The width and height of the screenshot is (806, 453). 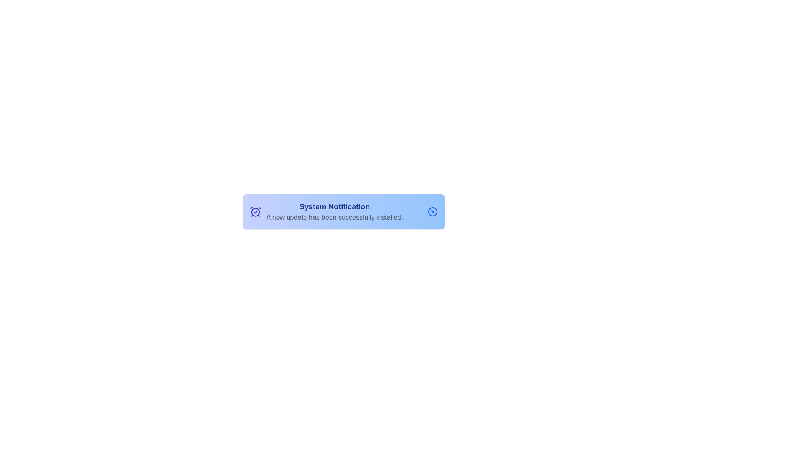 What do you see at coordinates (255, 212) in the screenshot?
I see `the circular SVG graphical component within the clock icon located in the notification card next to 'System Notification'` at bounding box center [255, 212].